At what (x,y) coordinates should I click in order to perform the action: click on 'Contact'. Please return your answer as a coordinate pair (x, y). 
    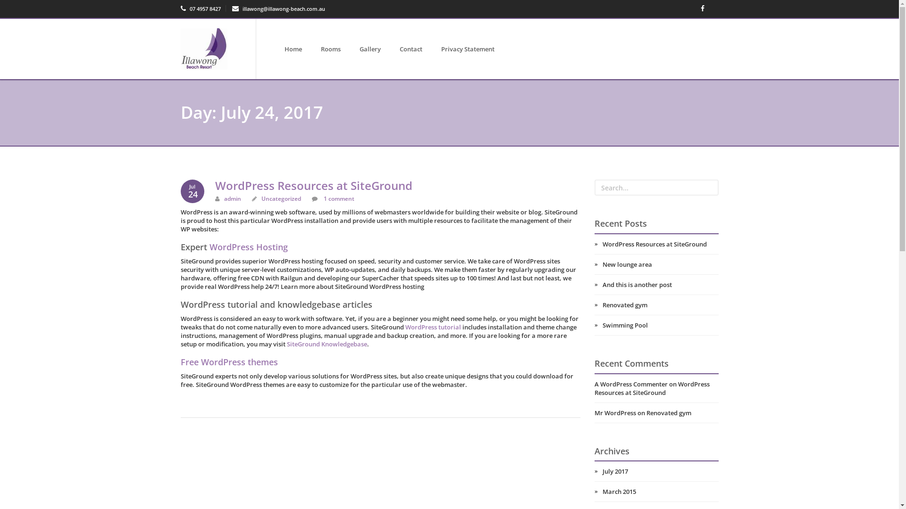
    Looking at the image, I should click on (411, 49).